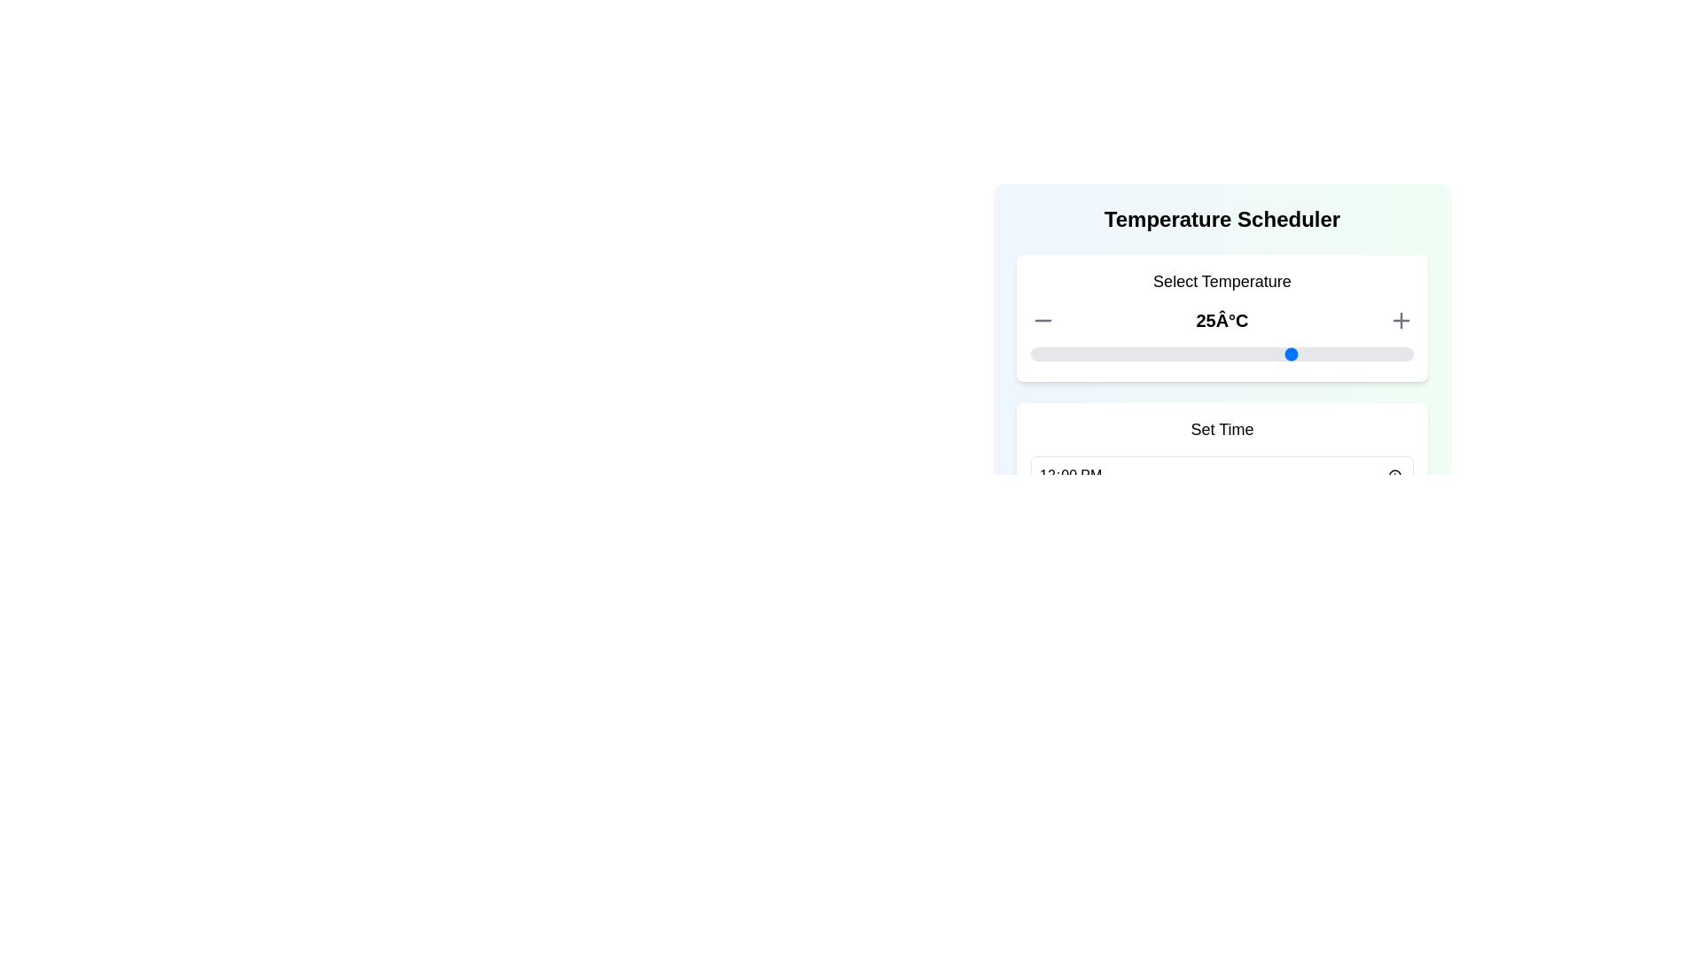 This screenshot has height=957, width=1702. What do you see at coordinates (1337, 354) in the screenshot?
I see `the temperature slider` at bounding box center [1337, 354].